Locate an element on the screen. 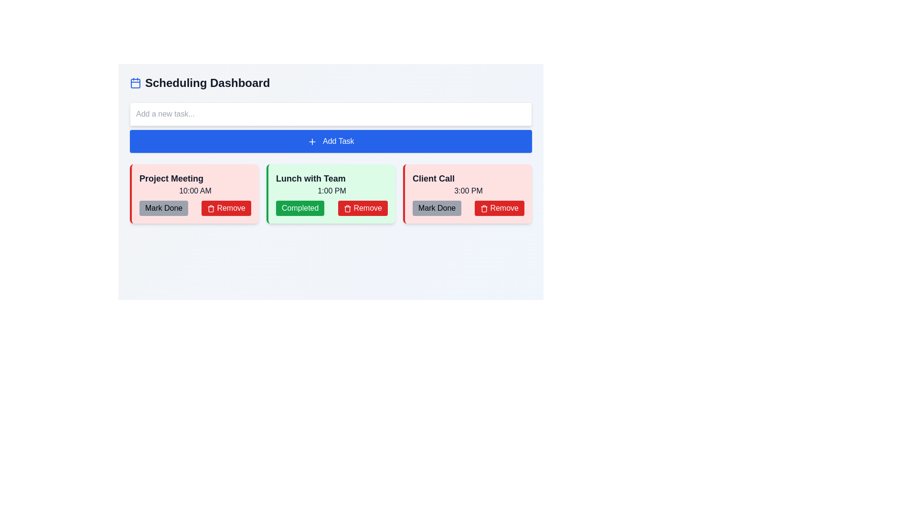  the task card titled 'Lunch with Team' is located at coordinates (331, 162).